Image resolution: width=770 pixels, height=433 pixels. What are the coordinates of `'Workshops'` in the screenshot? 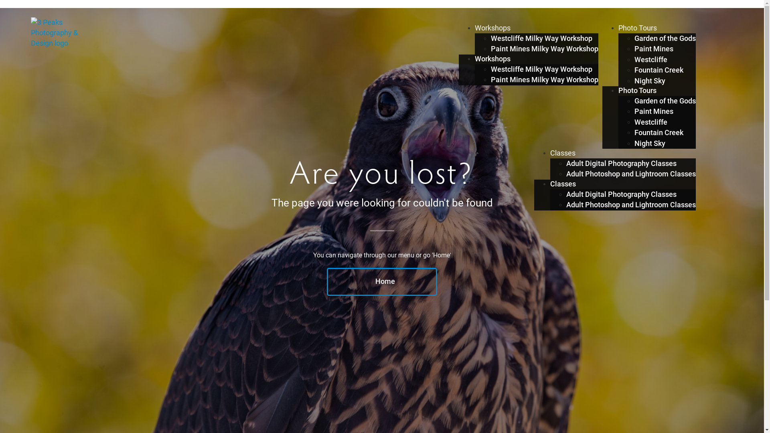 It's located at (492, 27).